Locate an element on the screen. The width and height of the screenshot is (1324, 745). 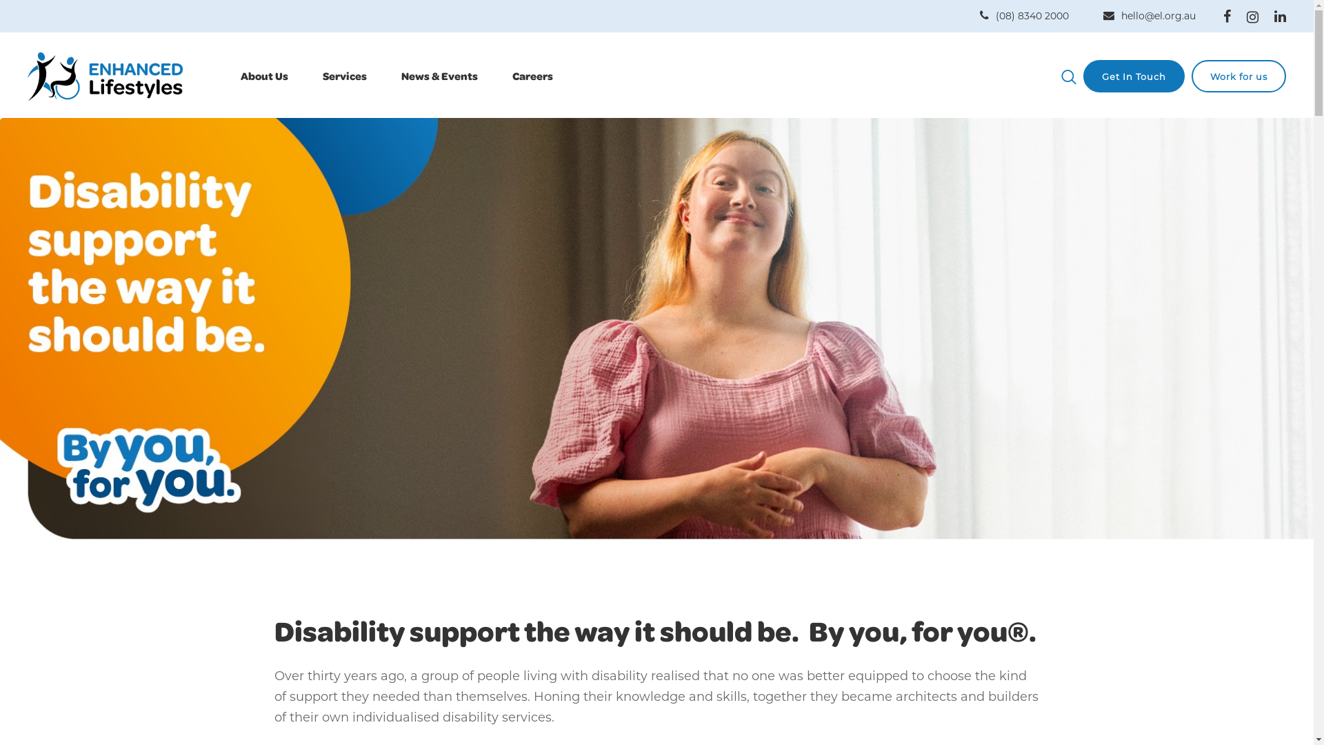
'(08) 8340 2000' is located at coordinates (996, 16).